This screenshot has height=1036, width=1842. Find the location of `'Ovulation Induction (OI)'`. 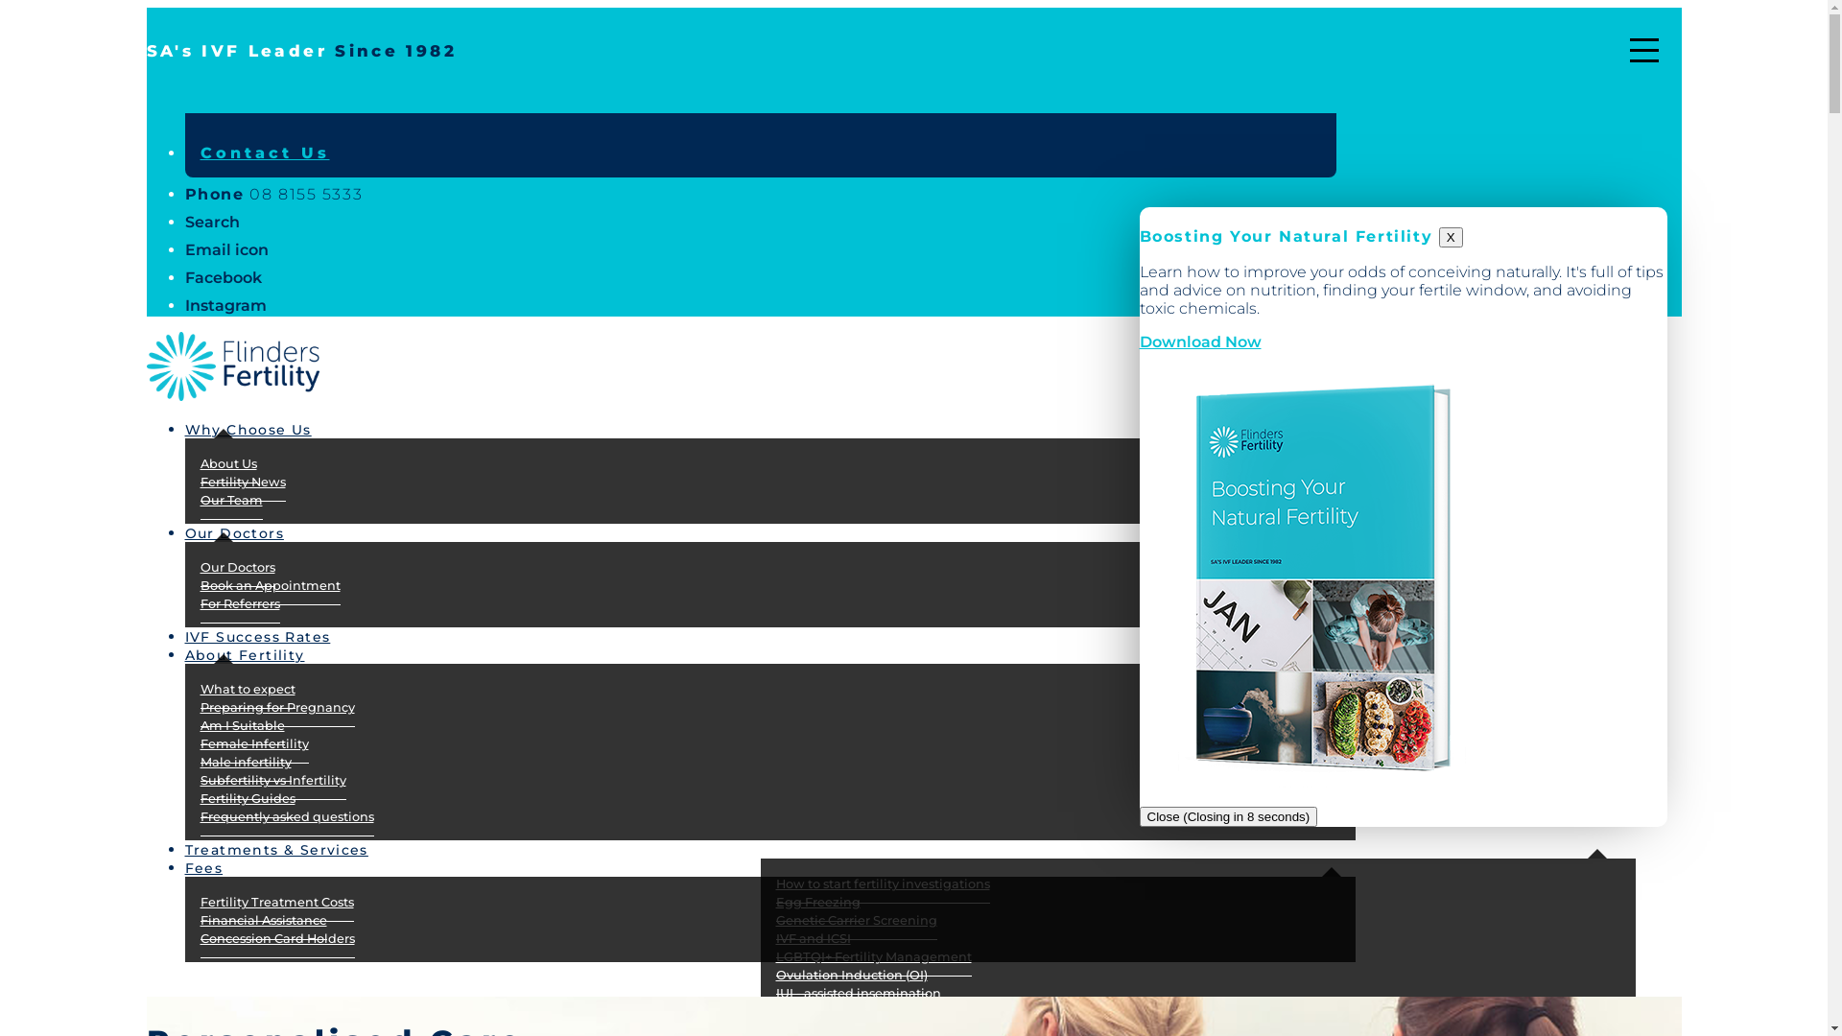

'Ovulation Induction (OI)' is located at coordinates (850, 976).